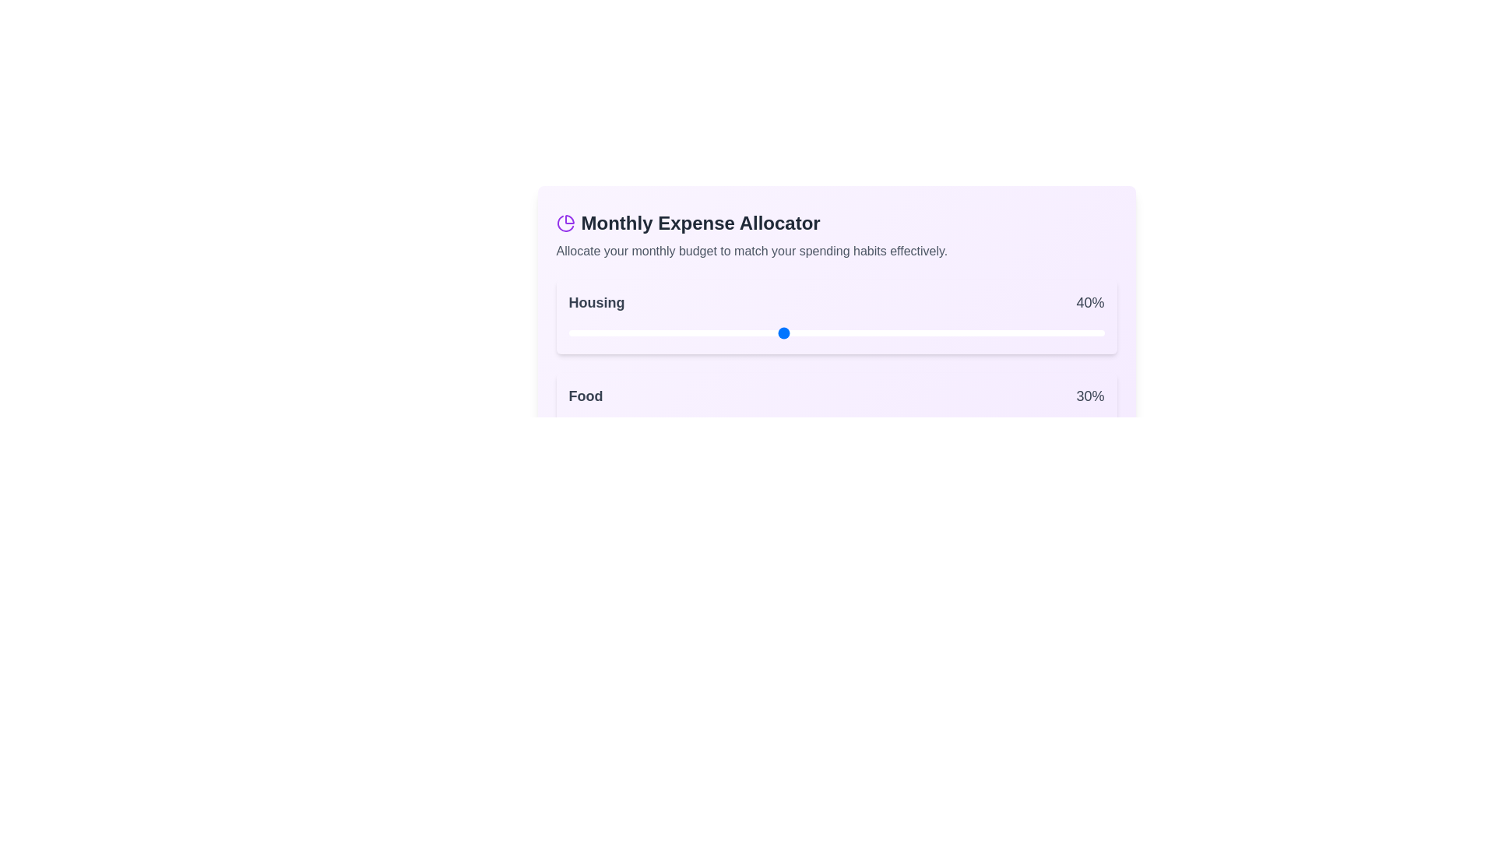 This screenshot has width=1495, height=841. I want to click on the budget for Housing, so click(937, 333).